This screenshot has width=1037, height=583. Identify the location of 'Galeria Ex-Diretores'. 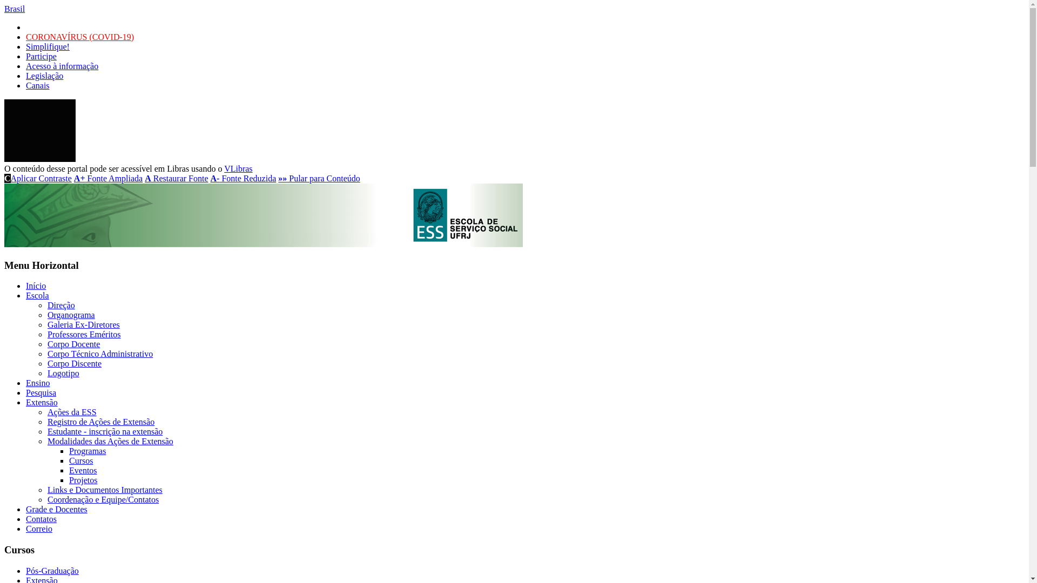
(83, 324).